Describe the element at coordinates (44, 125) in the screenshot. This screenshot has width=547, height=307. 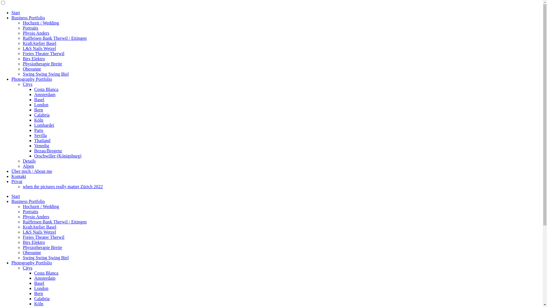
I see `'Lombardei'` at that location.